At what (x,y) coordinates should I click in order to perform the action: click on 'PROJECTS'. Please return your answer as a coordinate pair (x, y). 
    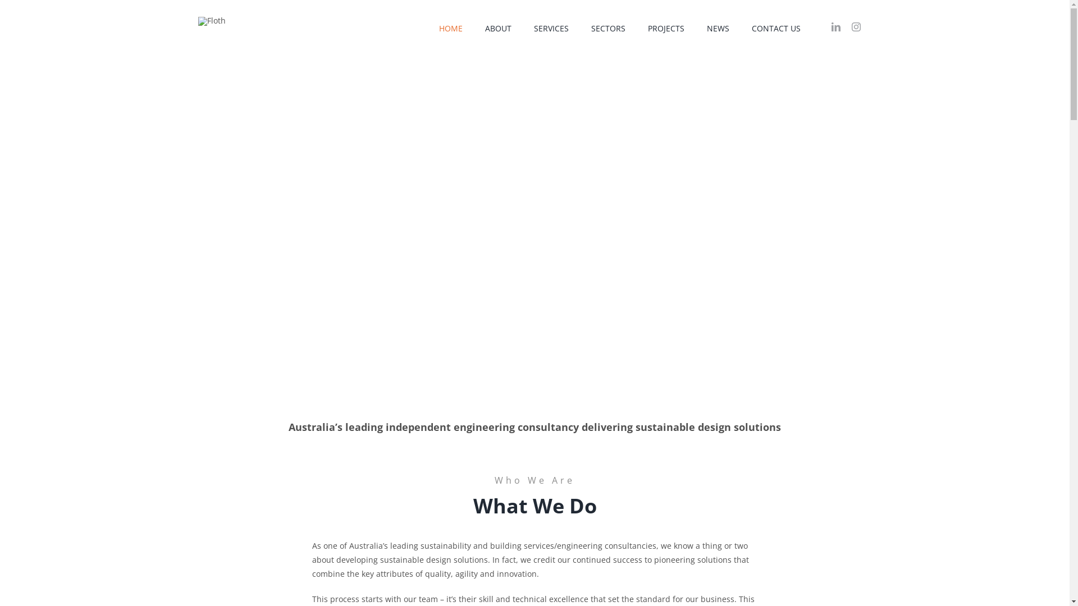
    Looking at the image, I should click on (666, 27).